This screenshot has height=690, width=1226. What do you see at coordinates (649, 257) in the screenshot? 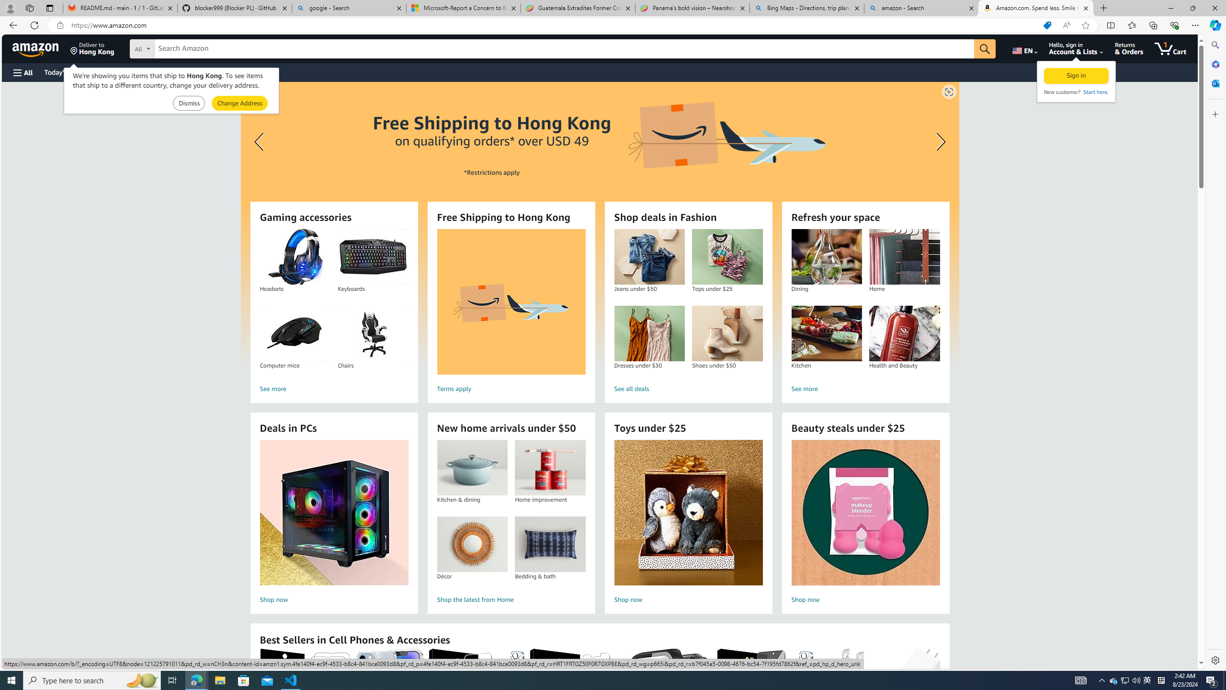
I see `'Jeans under $50'` at bounding box center [649, 257].